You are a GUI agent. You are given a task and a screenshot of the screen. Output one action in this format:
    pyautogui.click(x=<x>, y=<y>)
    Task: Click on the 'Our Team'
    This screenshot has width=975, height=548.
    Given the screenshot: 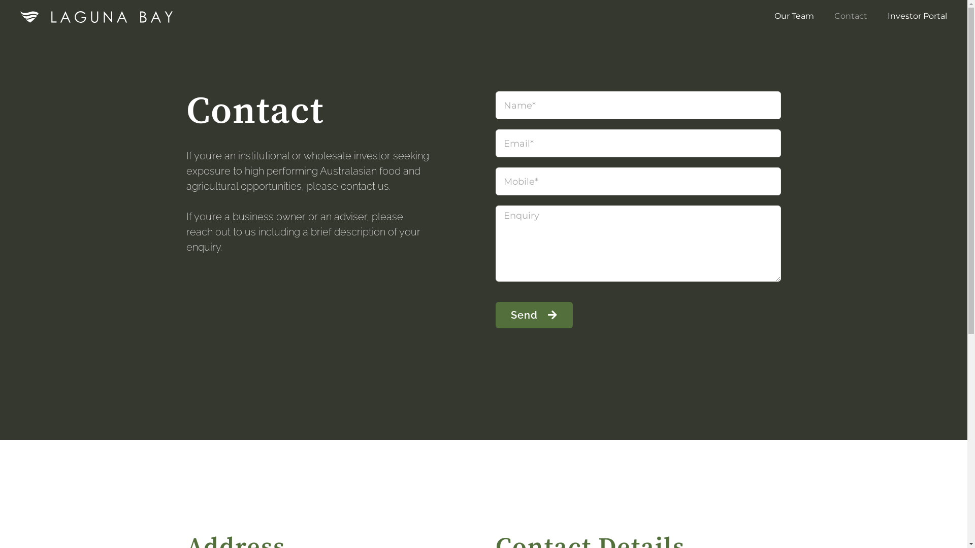 What is the action you would take?
    pyautogui.click(x=794, y=16)
    